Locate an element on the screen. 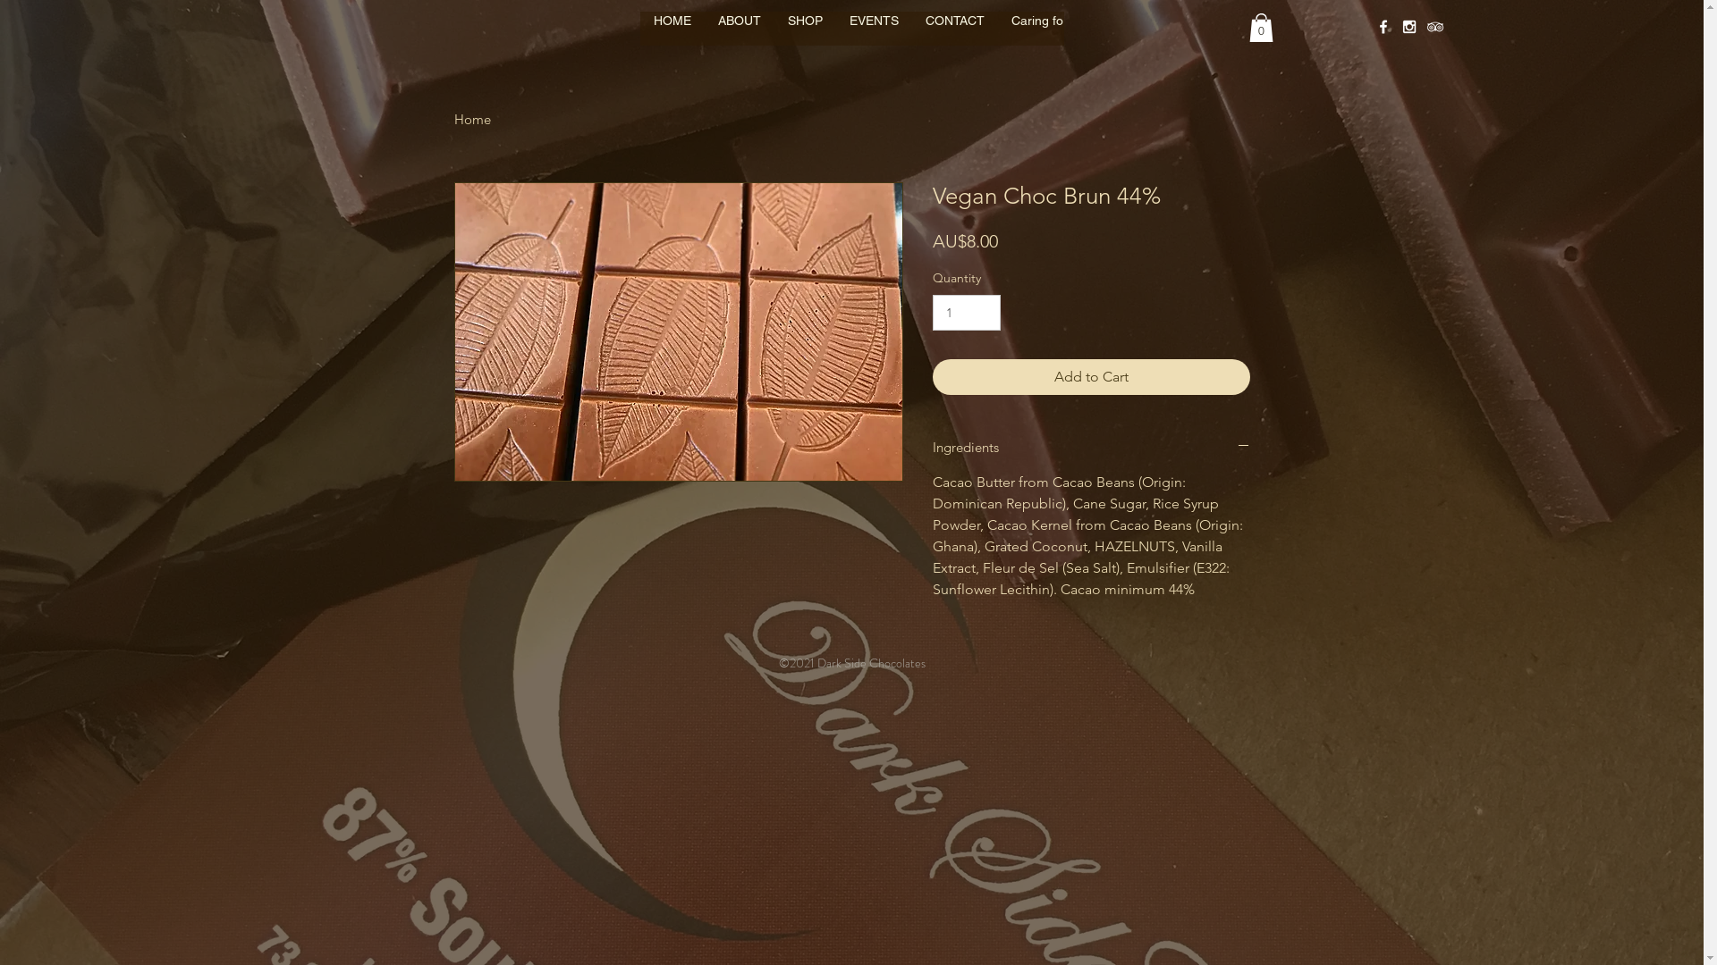 The width and height of the screenshot is (1717, 965). 'CONTACT' is located at coordinates (954, 34).